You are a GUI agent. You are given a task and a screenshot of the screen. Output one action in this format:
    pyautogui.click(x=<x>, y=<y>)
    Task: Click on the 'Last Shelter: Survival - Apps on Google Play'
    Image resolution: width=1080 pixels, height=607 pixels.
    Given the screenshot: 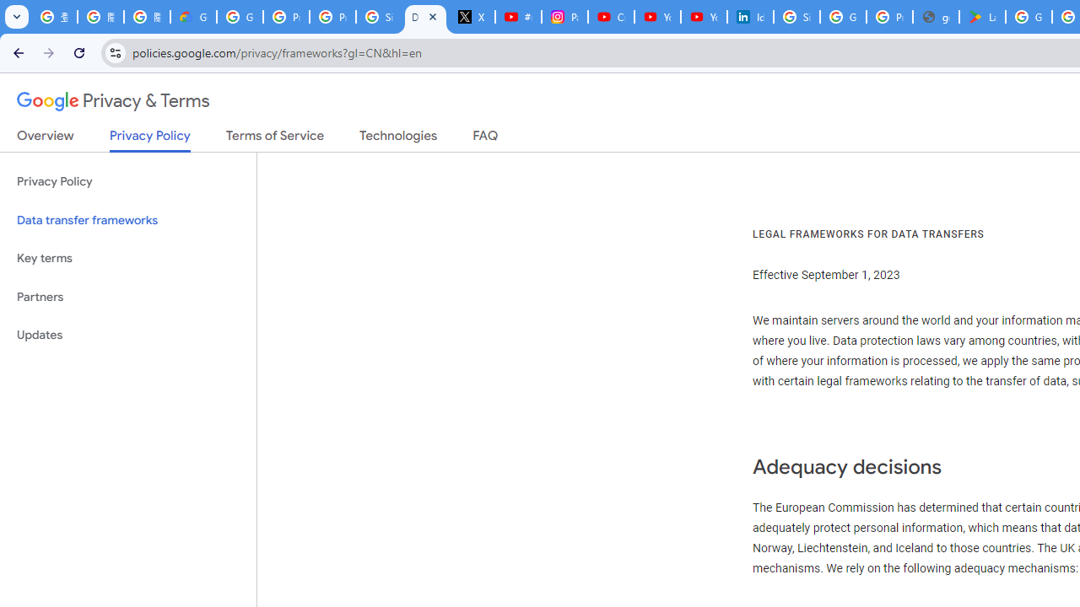 What is the action you would take?
    pyautogui.click(x=982, y=17)
    